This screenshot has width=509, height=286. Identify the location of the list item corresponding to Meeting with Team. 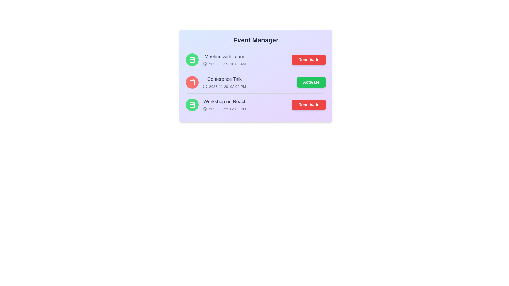
(256, 60).